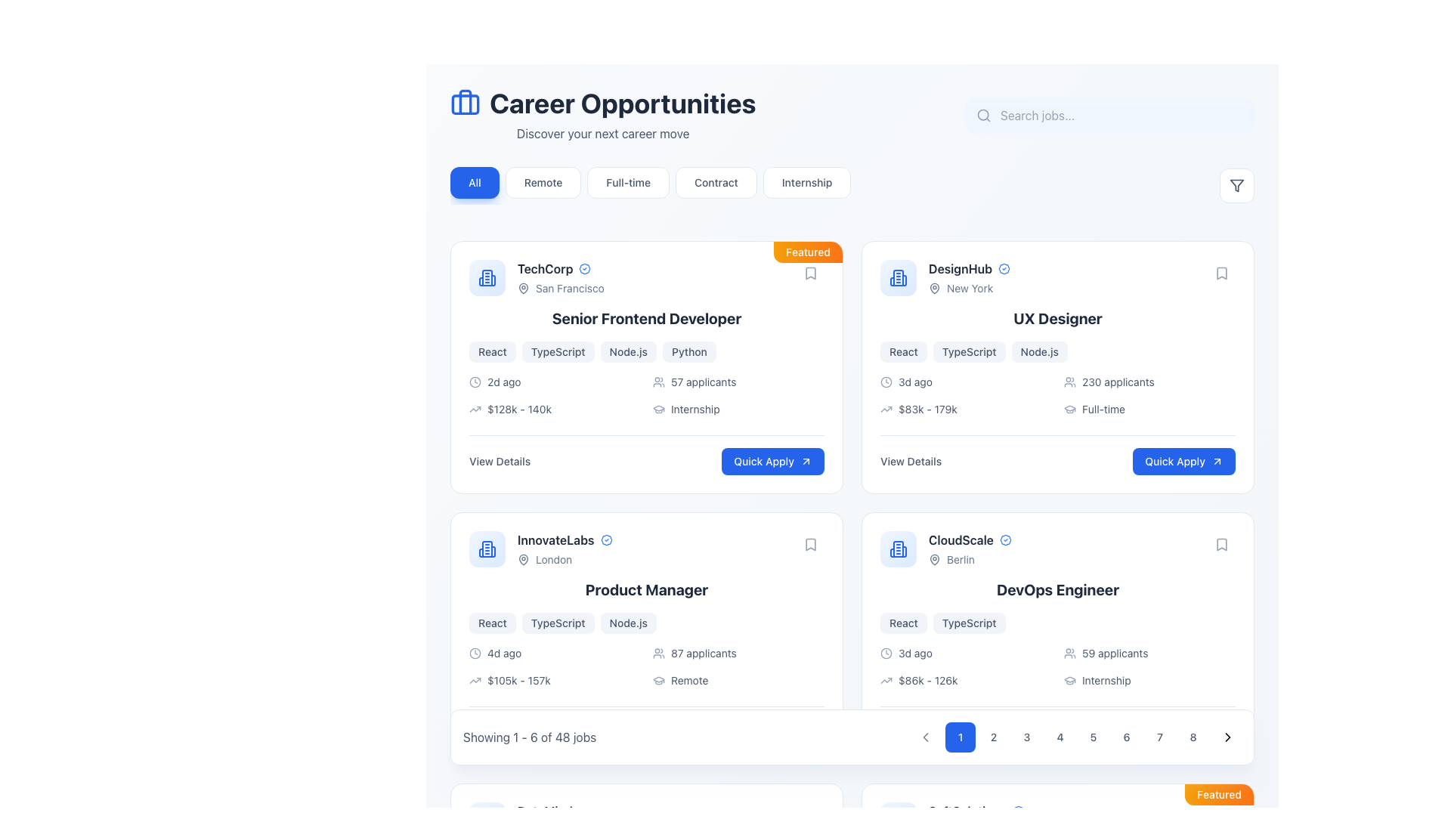  Describe the element at coordinates (543, 182) in the screenshot. I see `the rounded rectangular button labeled 'Remote'` at that location.